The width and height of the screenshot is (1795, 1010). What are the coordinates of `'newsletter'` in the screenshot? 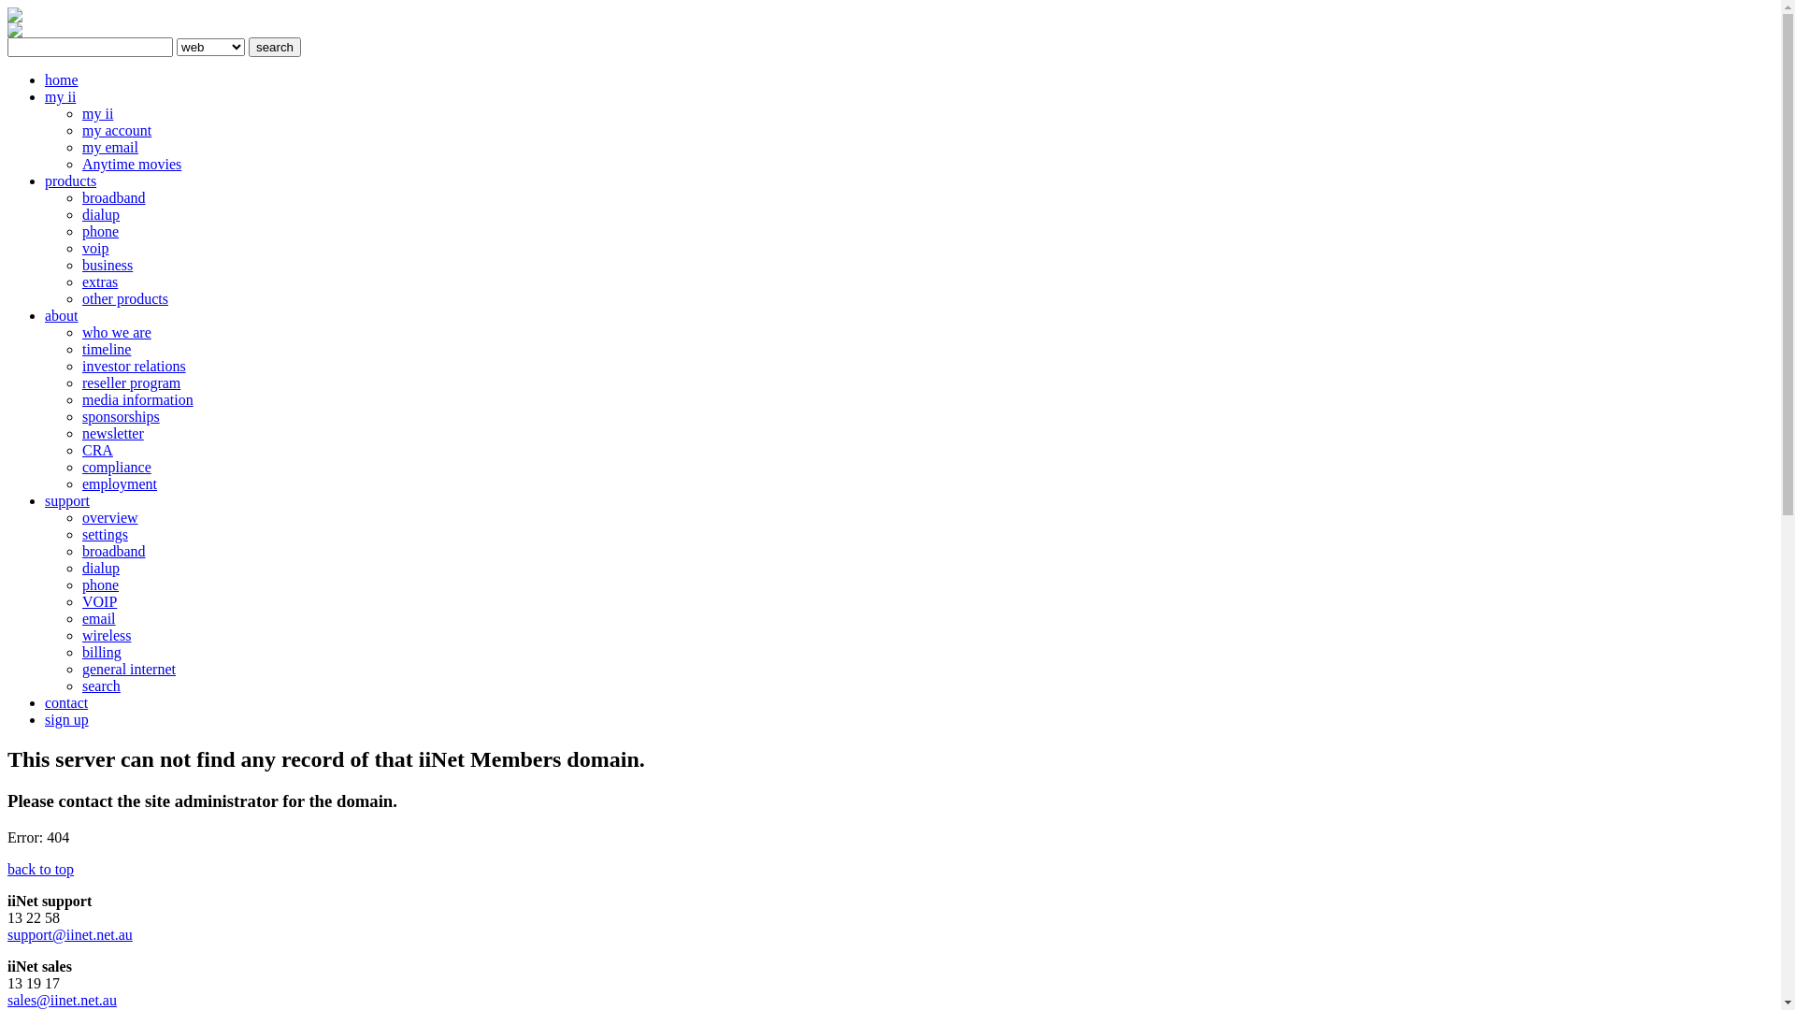 It's located at (80, 433).